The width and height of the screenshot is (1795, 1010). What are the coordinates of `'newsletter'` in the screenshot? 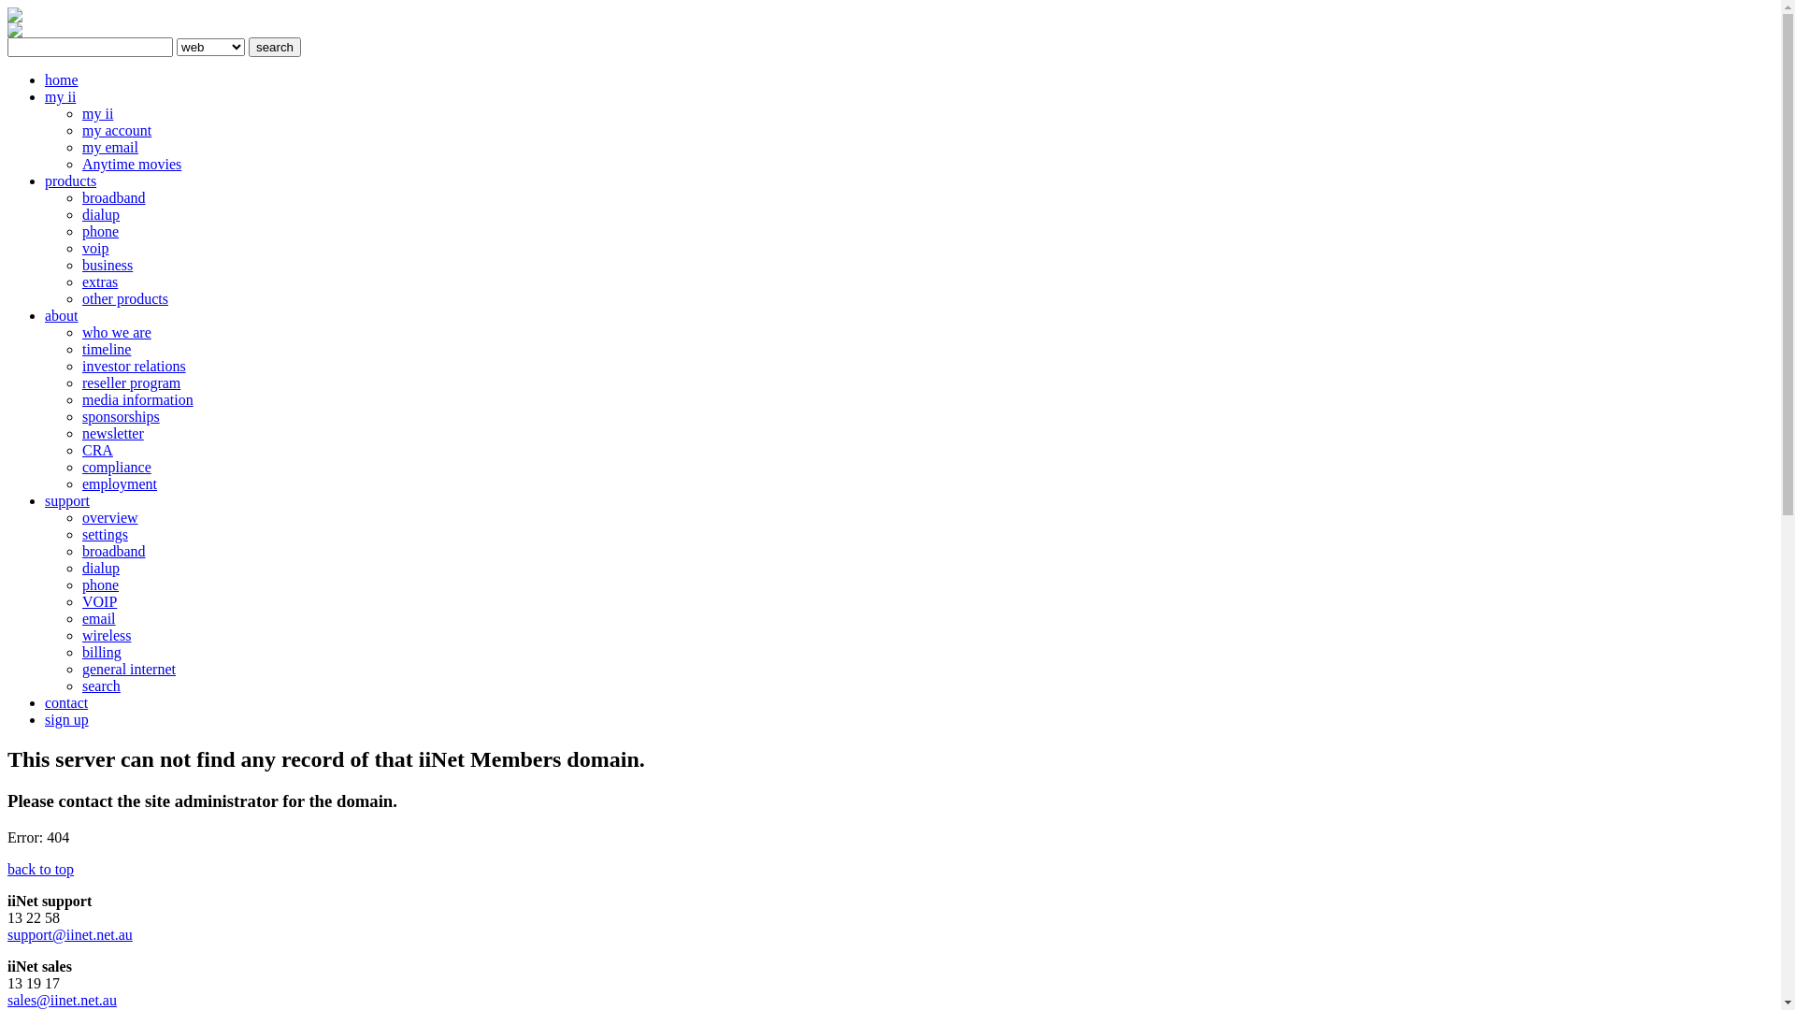 It's located at (80, 433).